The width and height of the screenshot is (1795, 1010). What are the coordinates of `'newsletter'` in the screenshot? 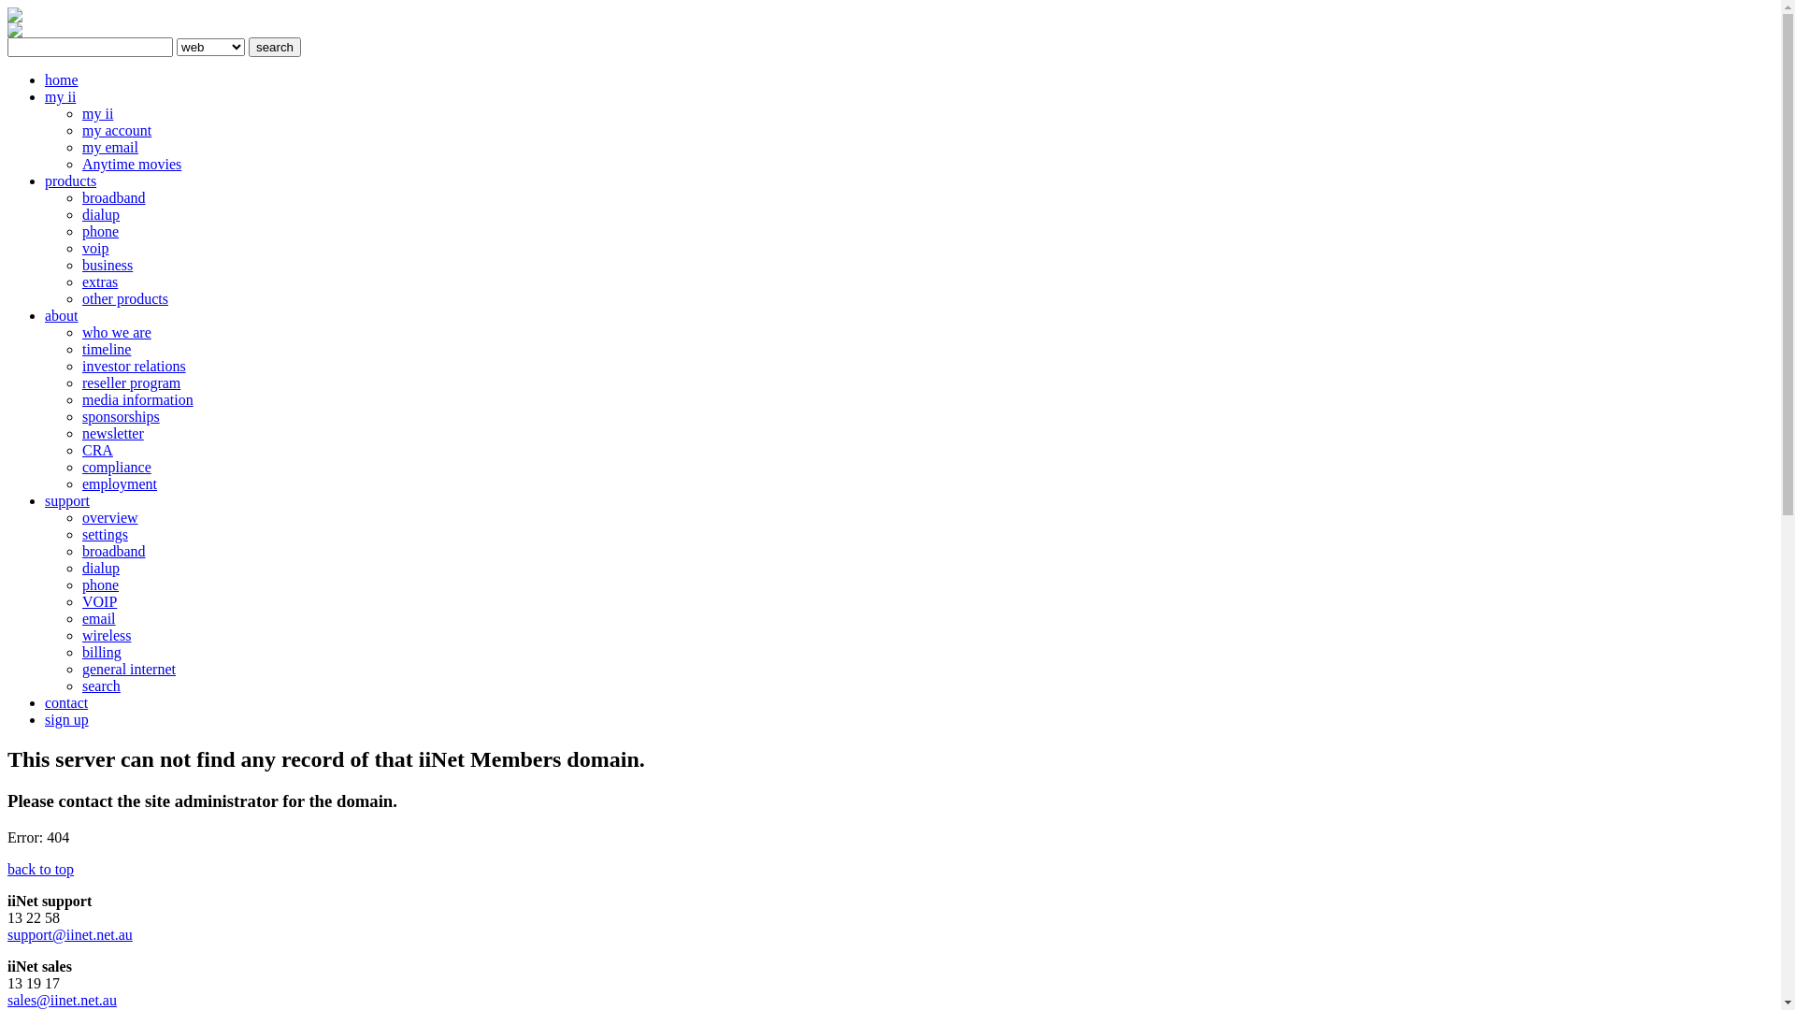 It's located at (80, 433).